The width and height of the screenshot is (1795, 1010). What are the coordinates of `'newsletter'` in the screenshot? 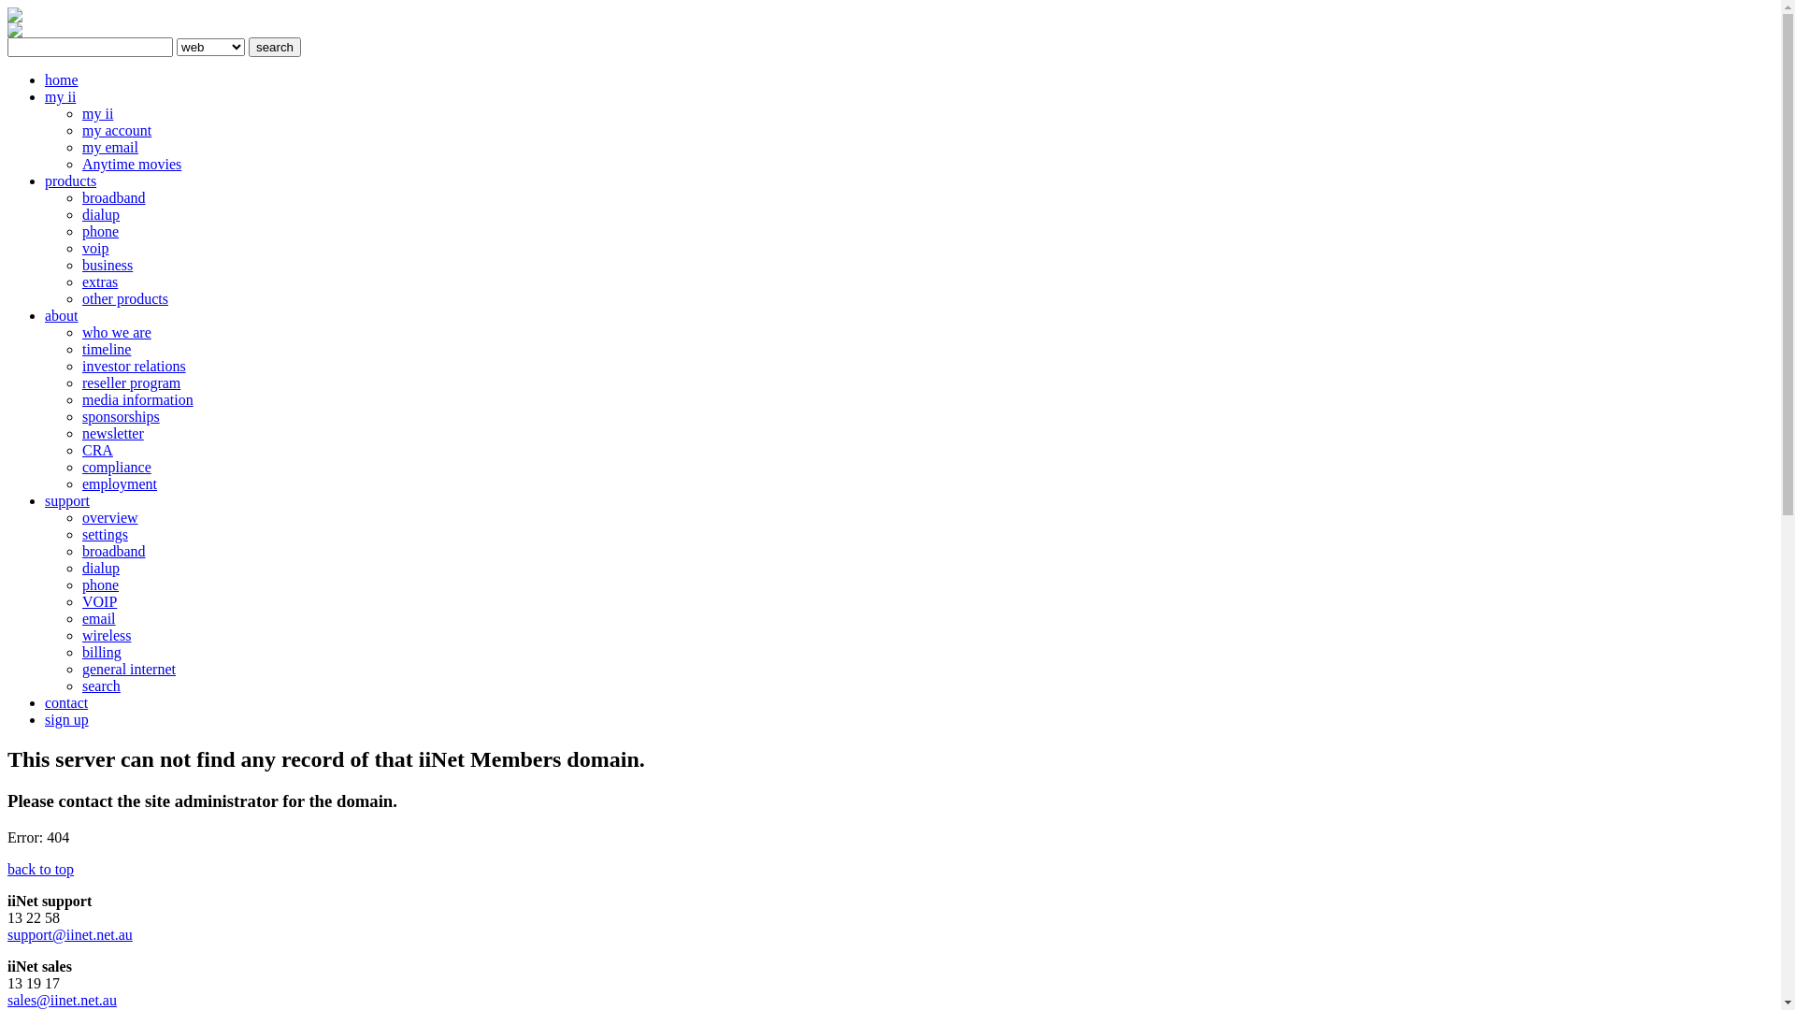 It's located at (80, 433).